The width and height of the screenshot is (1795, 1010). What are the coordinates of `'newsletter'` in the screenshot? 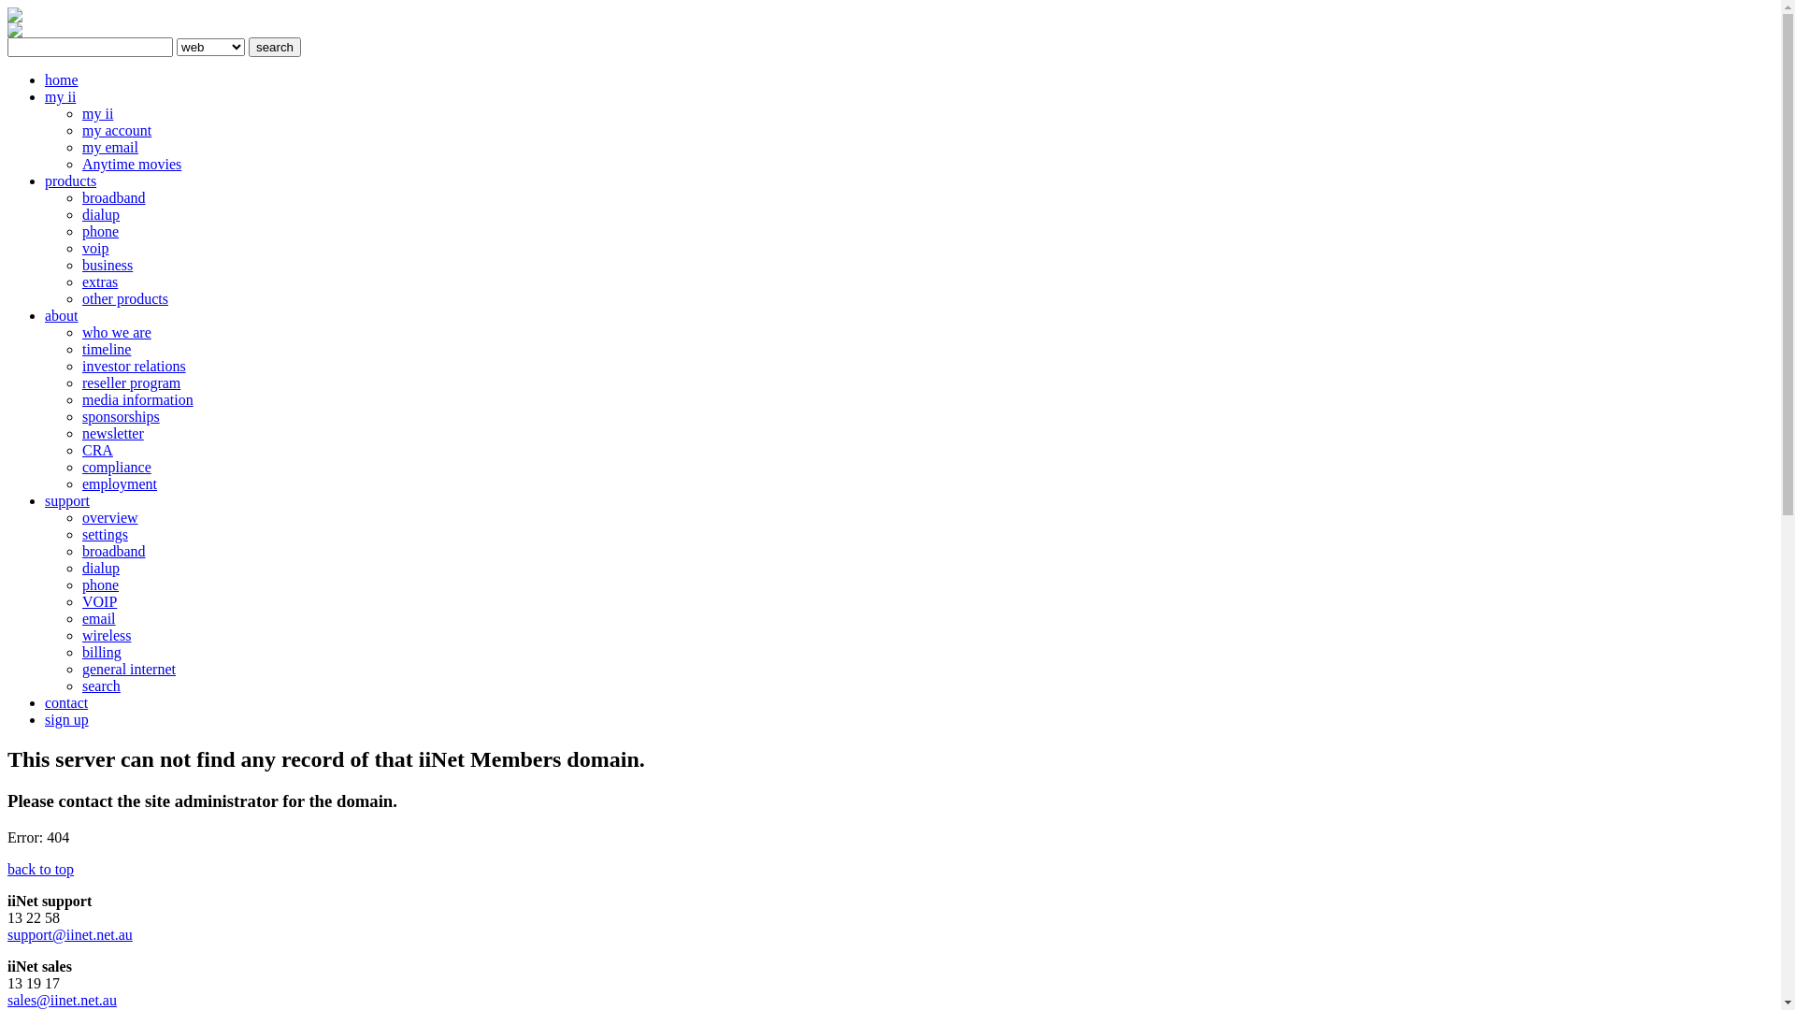 It's located at (80, 433).